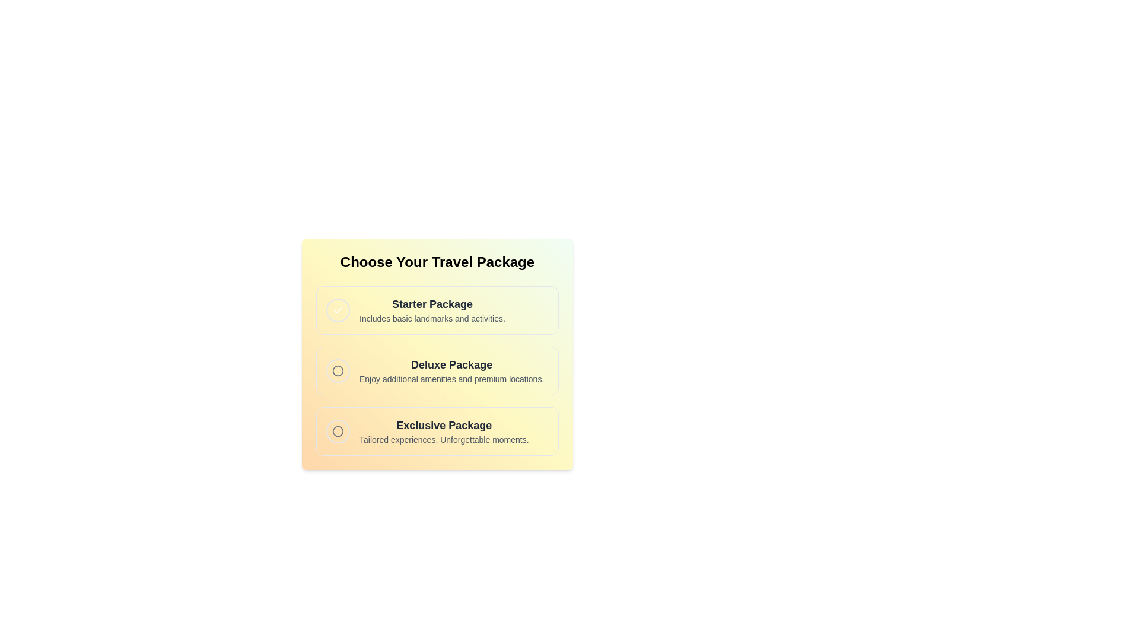  What do you see at coordinates (432, 318) in the screenshot?
I see `text 'Includes basic landmarks and activities.' which is displayed in a small-sized, gray-colored font beneath the heading 'Starter Package' in the first package section` at bounding box center [432, 318].